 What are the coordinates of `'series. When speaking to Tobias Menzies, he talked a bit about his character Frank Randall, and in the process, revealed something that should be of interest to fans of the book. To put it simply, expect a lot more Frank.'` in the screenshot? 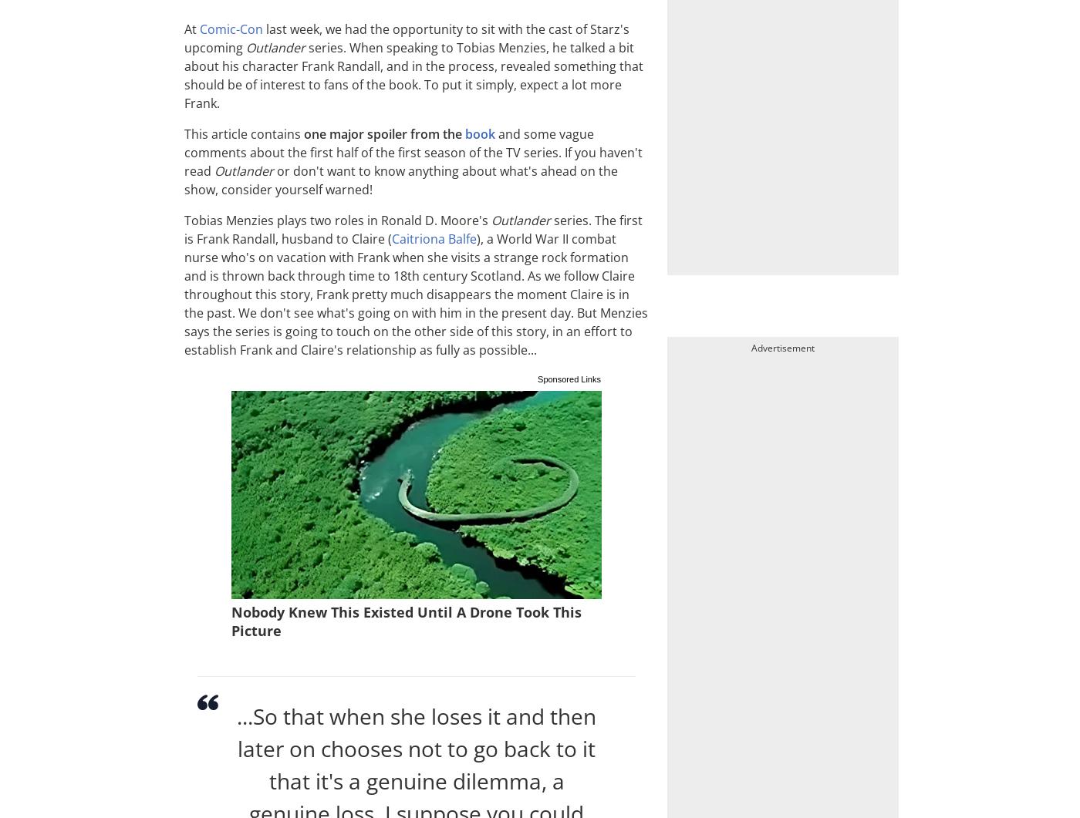 It's located at (413, 76).